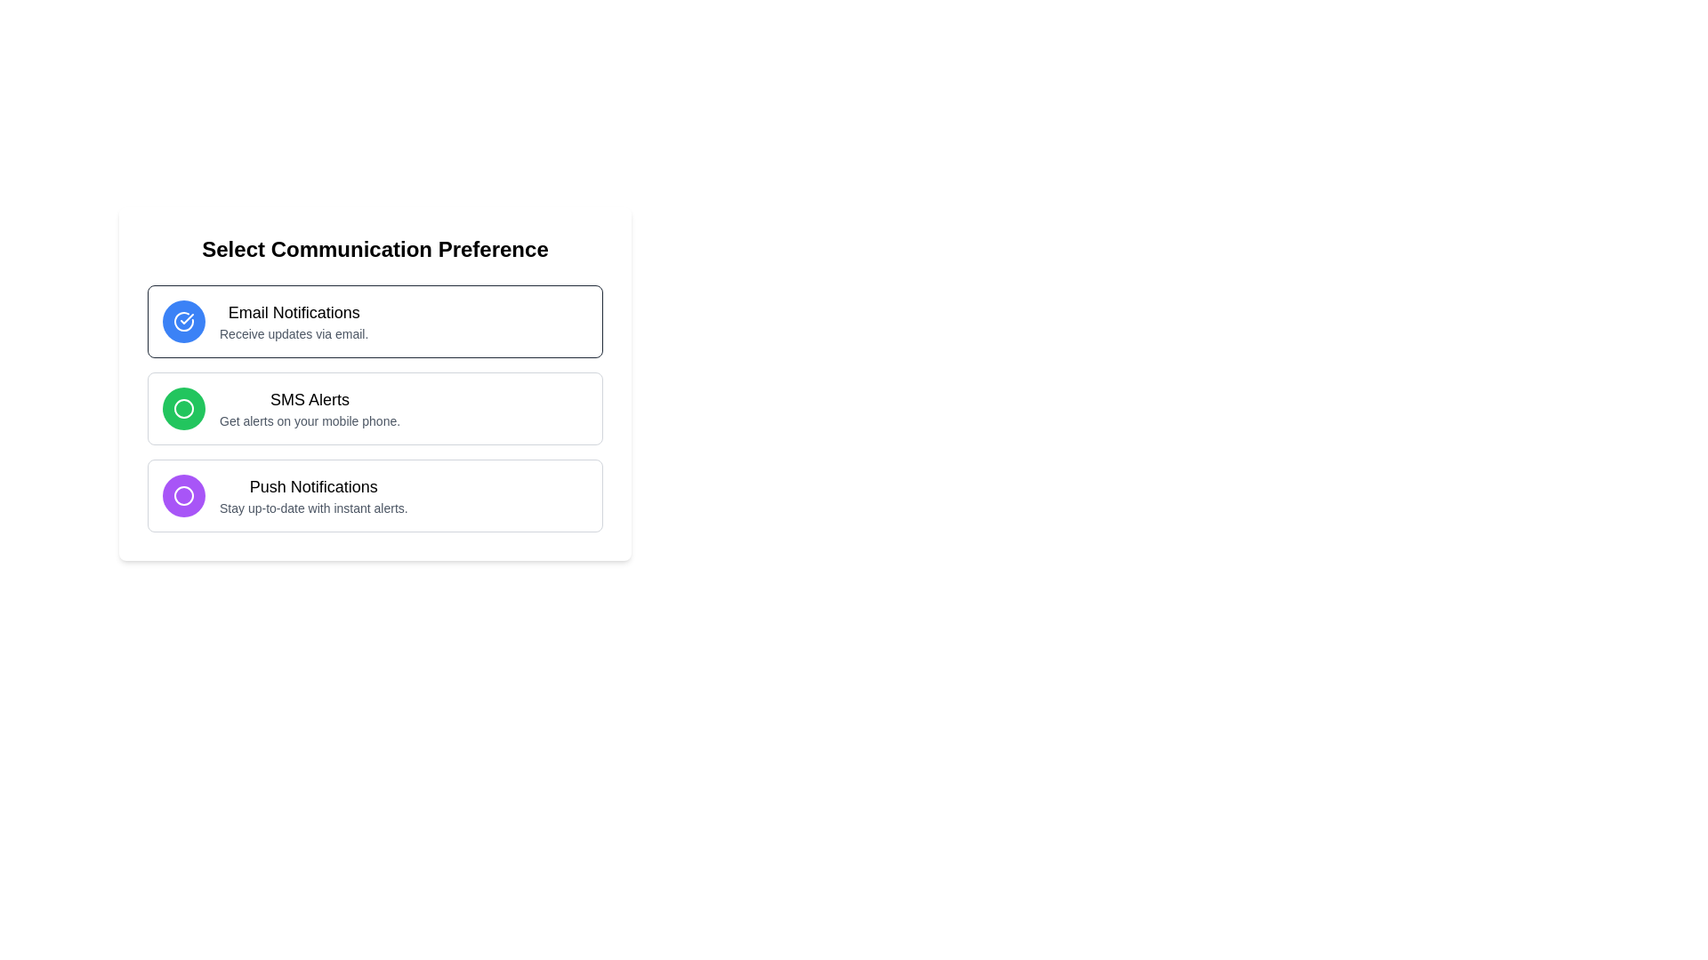 This screenshot has height=960, width=1708. Describe the element at coordinates (375, 383) in the screenshot. I see `the 'SMS Alerts' card, which is the middle card in a vertical list under 'Select Communication Preference'` at that location.